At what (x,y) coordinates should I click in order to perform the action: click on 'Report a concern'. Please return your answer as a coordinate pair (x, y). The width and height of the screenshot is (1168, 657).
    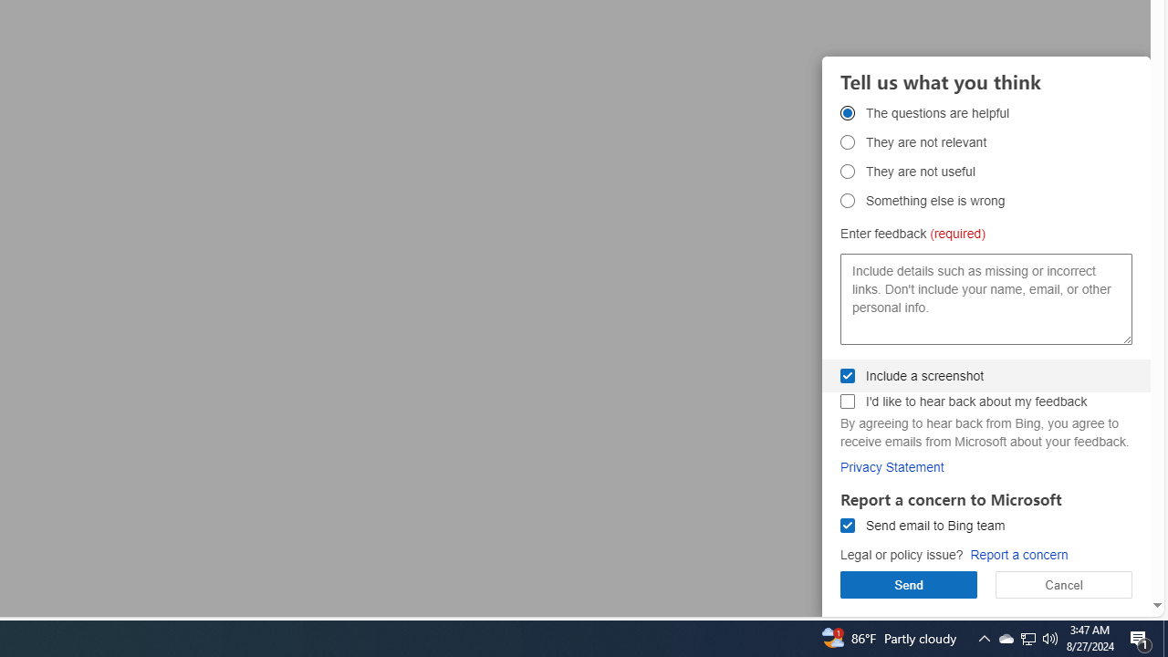
    Looking at the image, I should click on (1017, 554).